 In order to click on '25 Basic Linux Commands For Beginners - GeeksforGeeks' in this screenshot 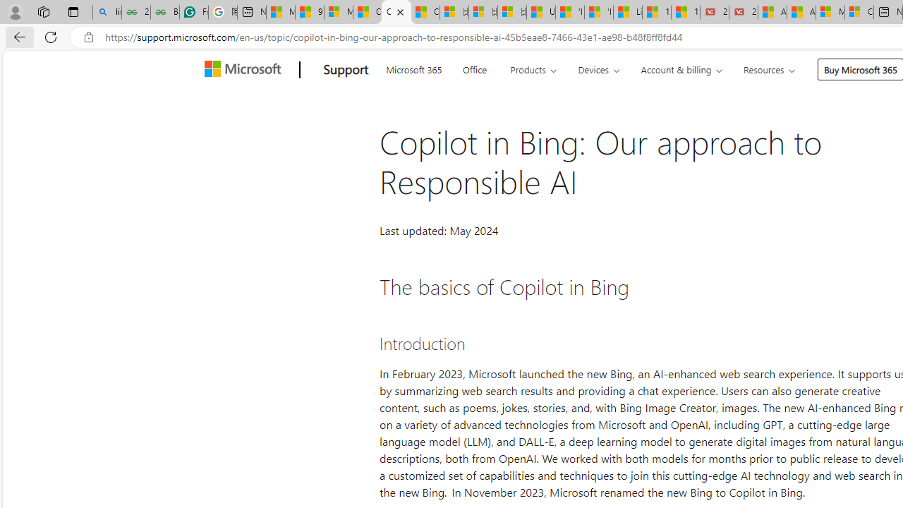, I will do `click(135, 12)`.